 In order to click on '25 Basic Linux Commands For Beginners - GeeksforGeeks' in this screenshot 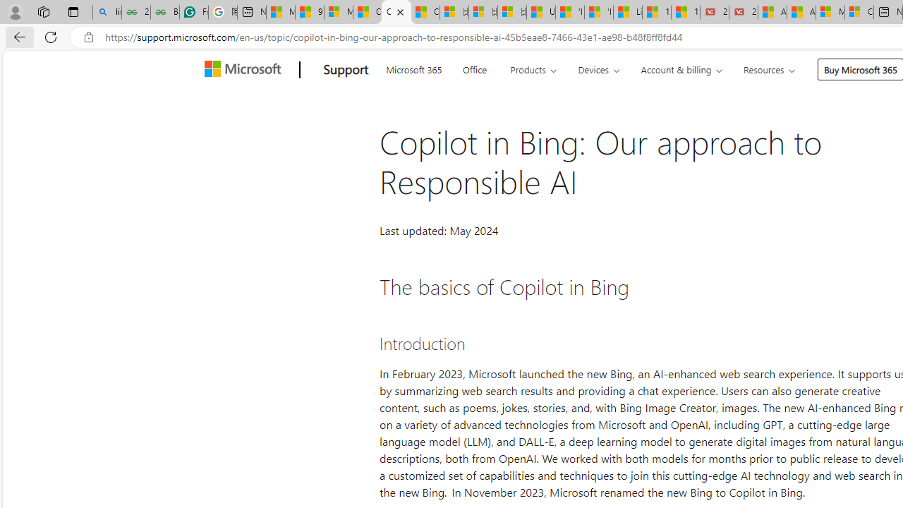, I will do `click(135, 12)`.